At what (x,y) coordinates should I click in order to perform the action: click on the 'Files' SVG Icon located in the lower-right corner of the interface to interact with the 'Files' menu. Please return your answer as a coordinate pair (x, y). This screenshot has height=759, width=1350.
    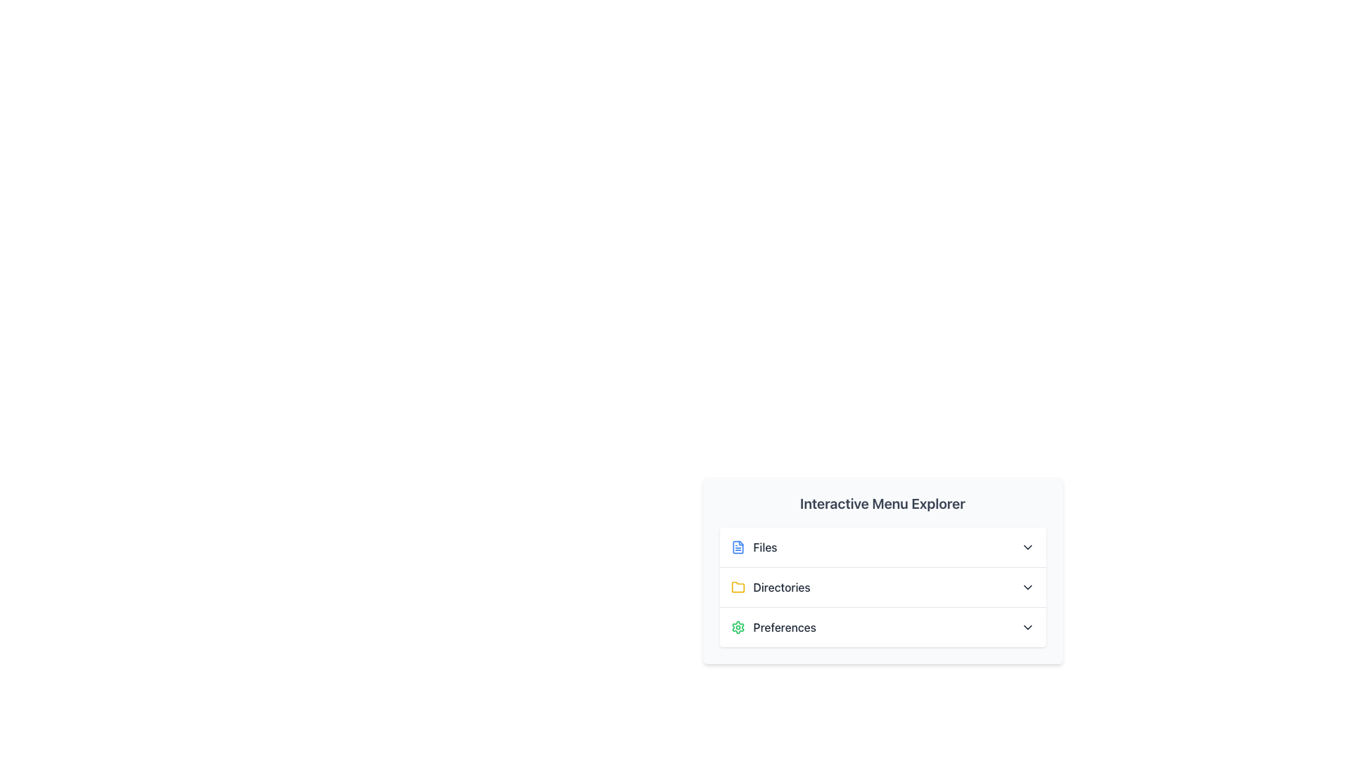
    Looking at the image, I should click on (737, 547).